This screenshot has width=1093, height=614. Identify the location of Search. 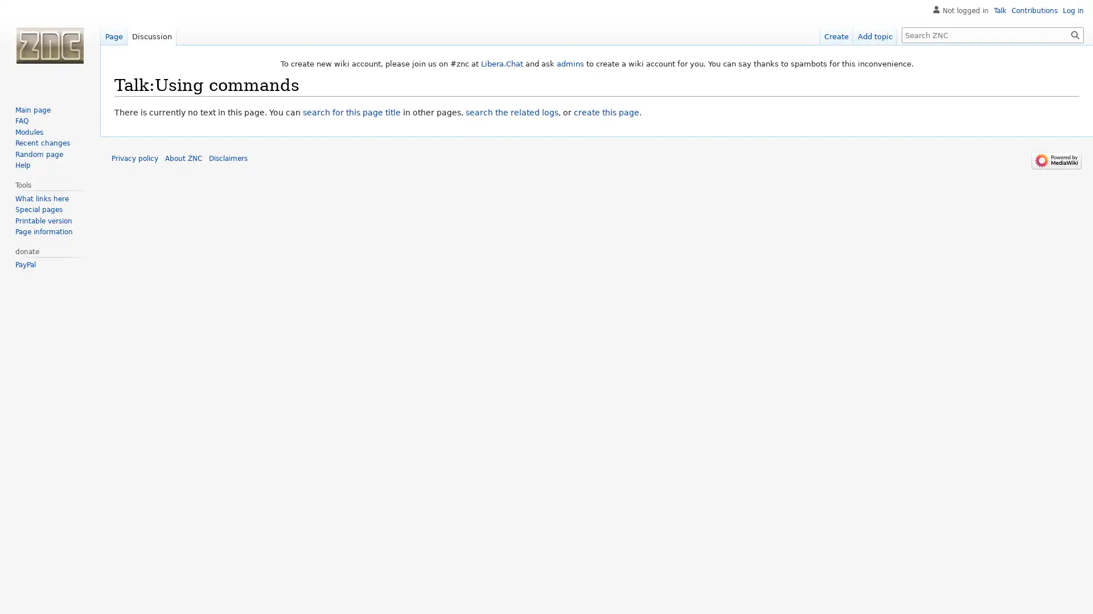
(1075, 34).